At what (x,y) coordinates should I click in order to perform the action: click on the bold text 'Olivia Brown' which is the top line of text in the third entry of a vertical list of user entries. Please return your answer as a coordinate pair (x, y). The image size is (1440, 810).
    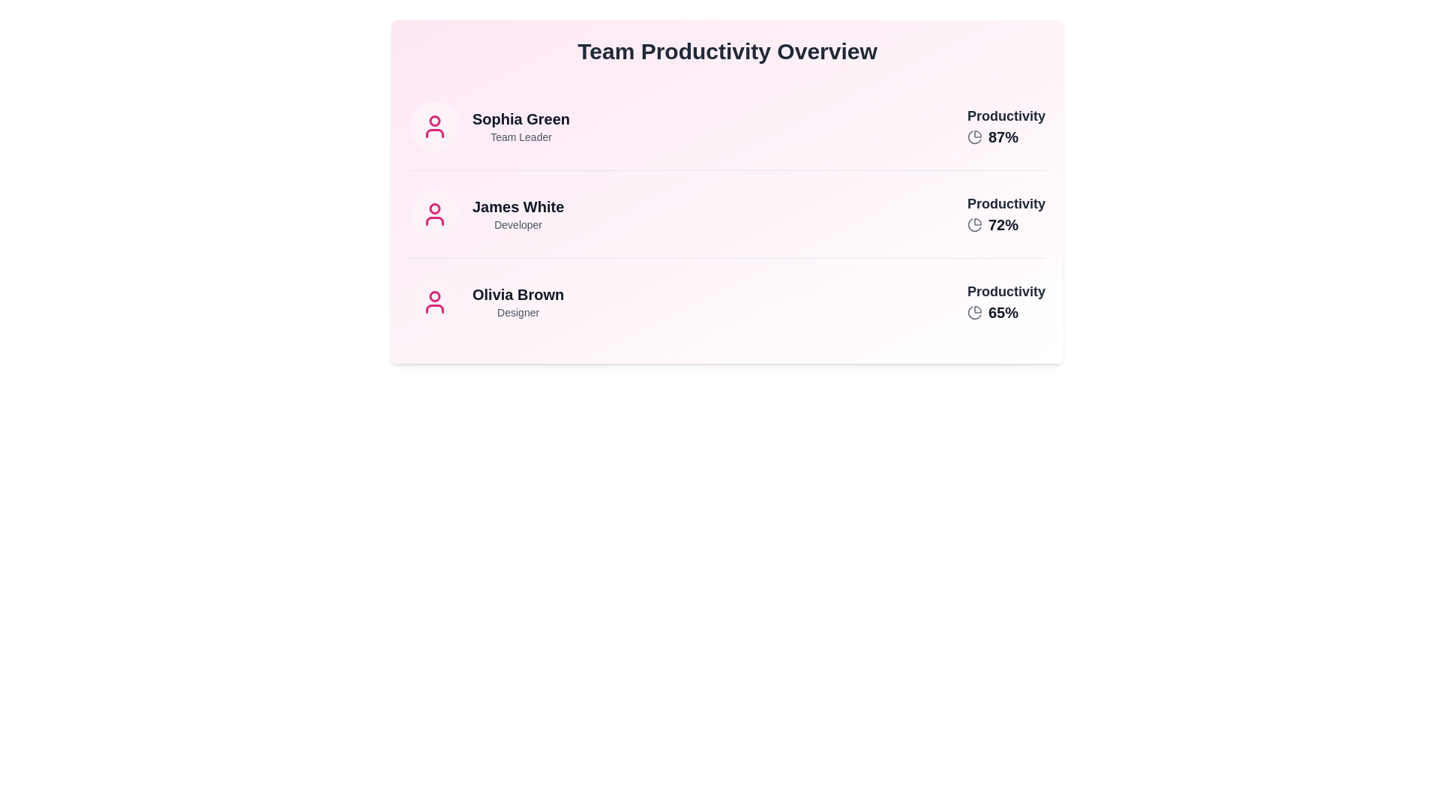
    Looking at the image, I should click on (518, 295).